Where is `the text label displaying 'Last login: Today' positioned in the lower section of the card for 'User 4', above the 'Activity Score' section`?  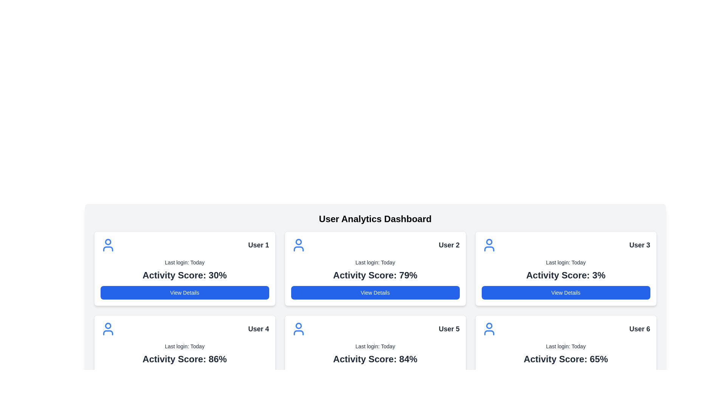
the text label displaying 'Last login: Today' positioned in the lower section of the card for 'User 4', above the 'Activity Score' section is located at coordinates (185, 346).